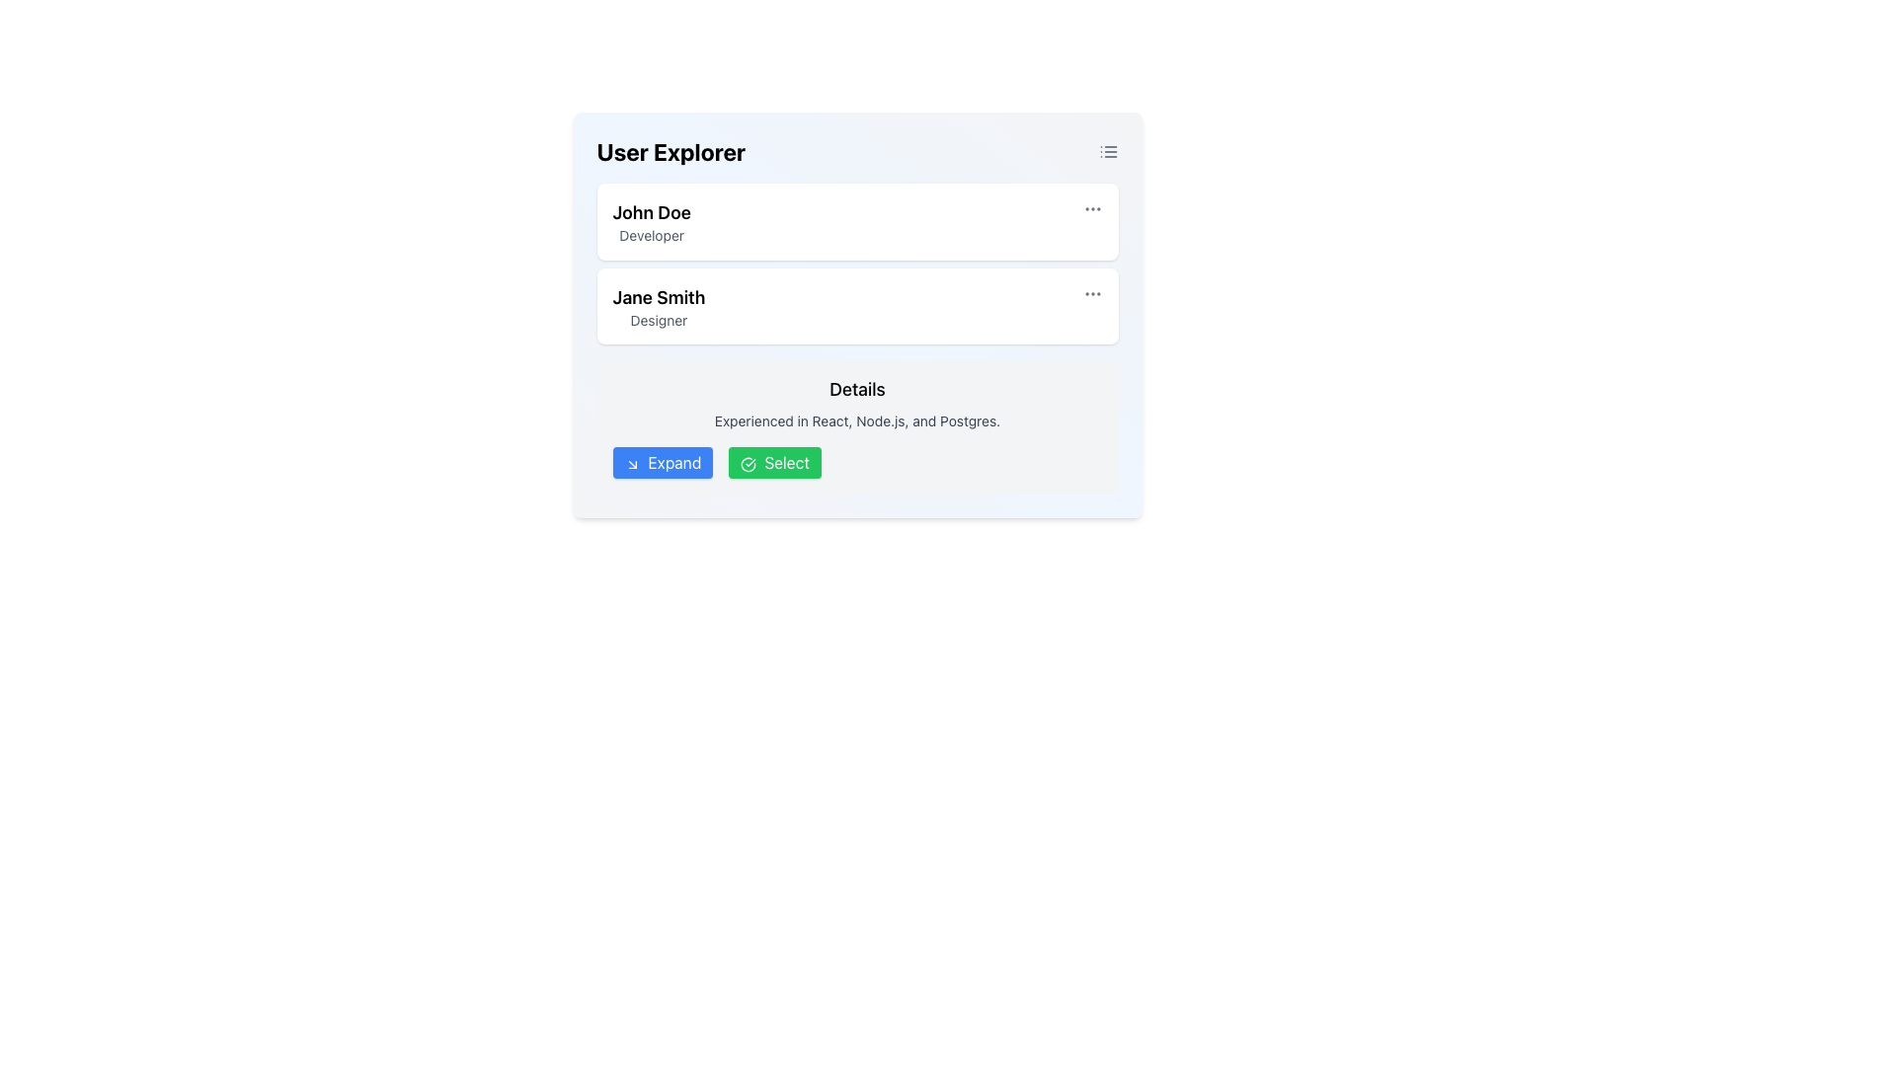 This screenshot has height=1066, width=1896. What do you see at coordinates (748, 464) in the screenshot?
I see `the small circular icon with a checkmark inside, located to the left of the green 'Select' button in the 'Details' card` at bounding box center [748, 464].